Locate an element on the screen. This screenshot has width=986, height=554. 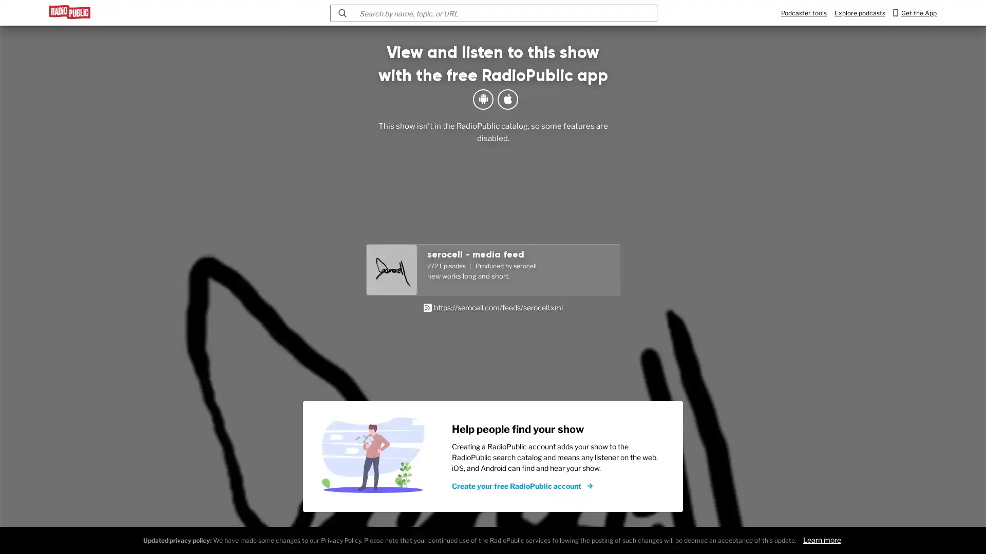
Download RadioPublic for Android is located at coordinates (482, 99).